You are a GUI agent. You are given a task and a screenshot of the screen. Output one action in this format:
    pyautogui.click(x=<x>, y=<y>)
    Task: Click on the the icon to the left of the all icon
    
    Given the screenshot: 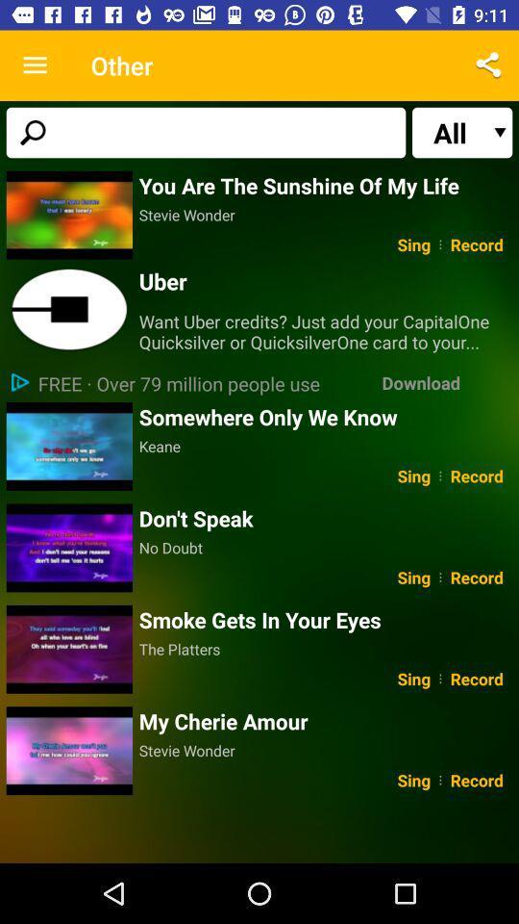 What is the action you would take?
    pyautogui.click(x=205, y=131)
    